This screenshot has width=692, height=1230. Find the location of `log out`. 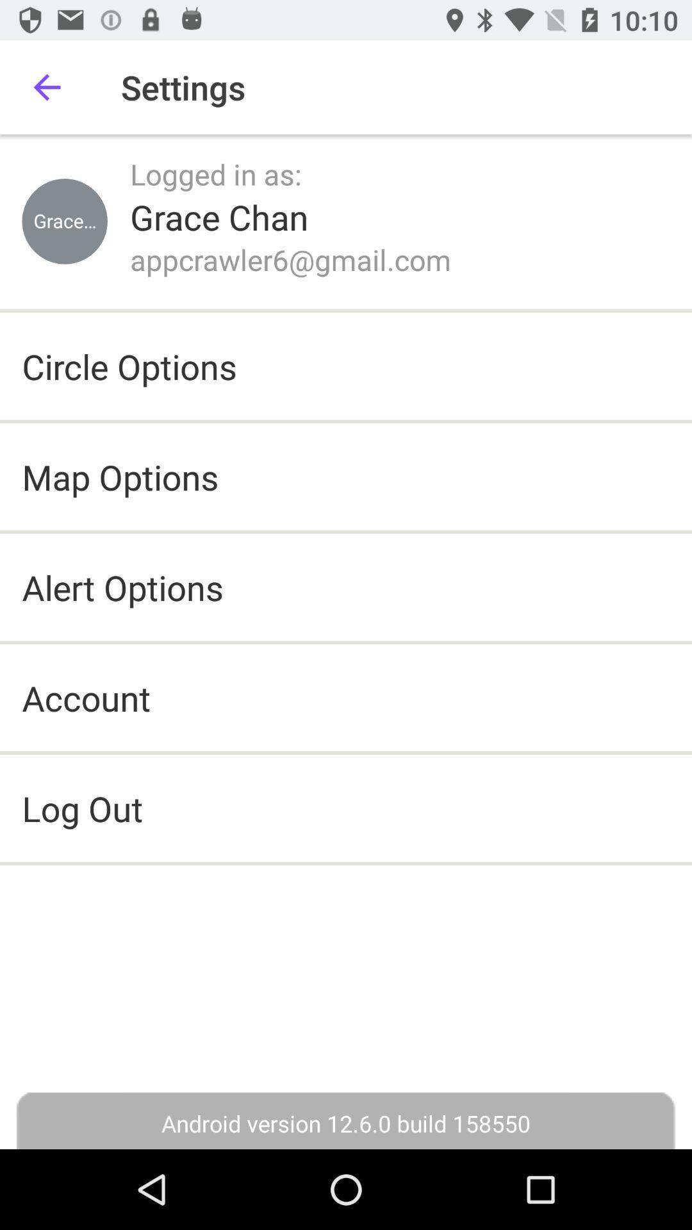

log out is located at coordinates (346, 807).